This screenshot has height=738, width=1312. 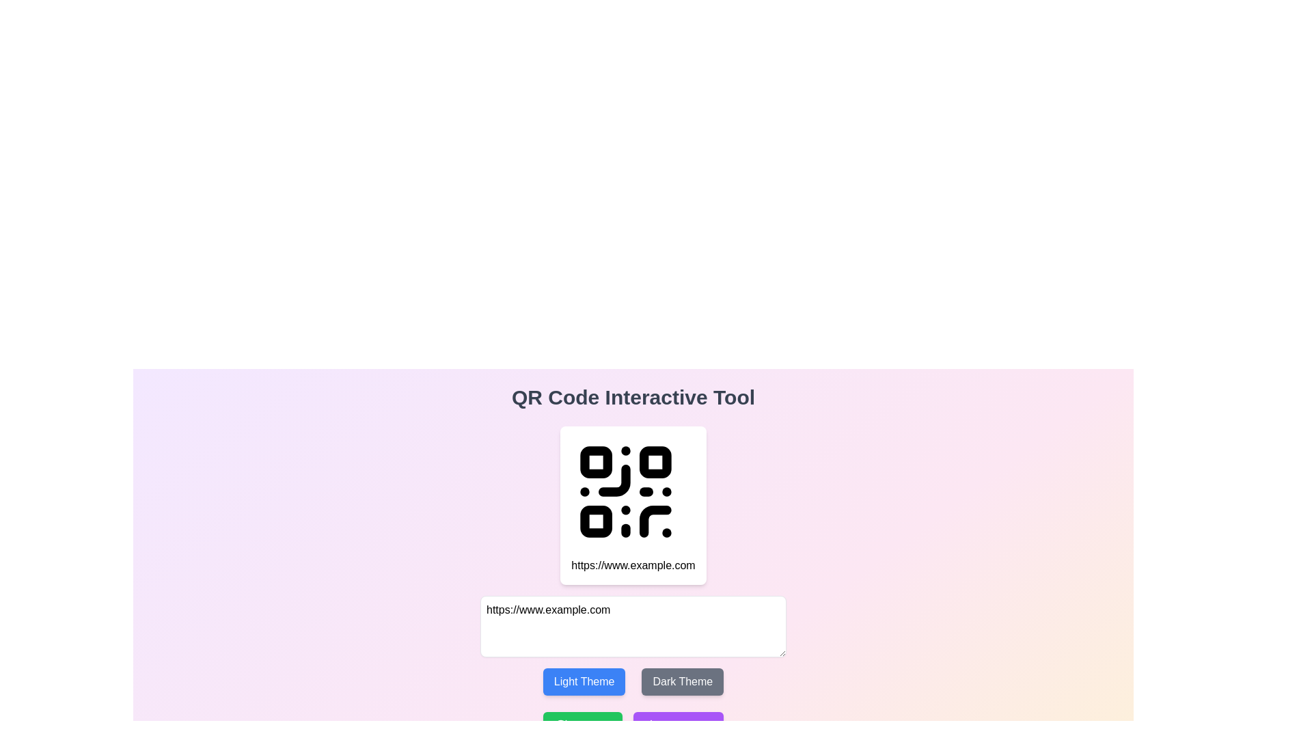 I want to click on the third rectangular block of the QR code located in the lower-left quadrant, which is part of its scannable pattern, so click(x=597, y=521).